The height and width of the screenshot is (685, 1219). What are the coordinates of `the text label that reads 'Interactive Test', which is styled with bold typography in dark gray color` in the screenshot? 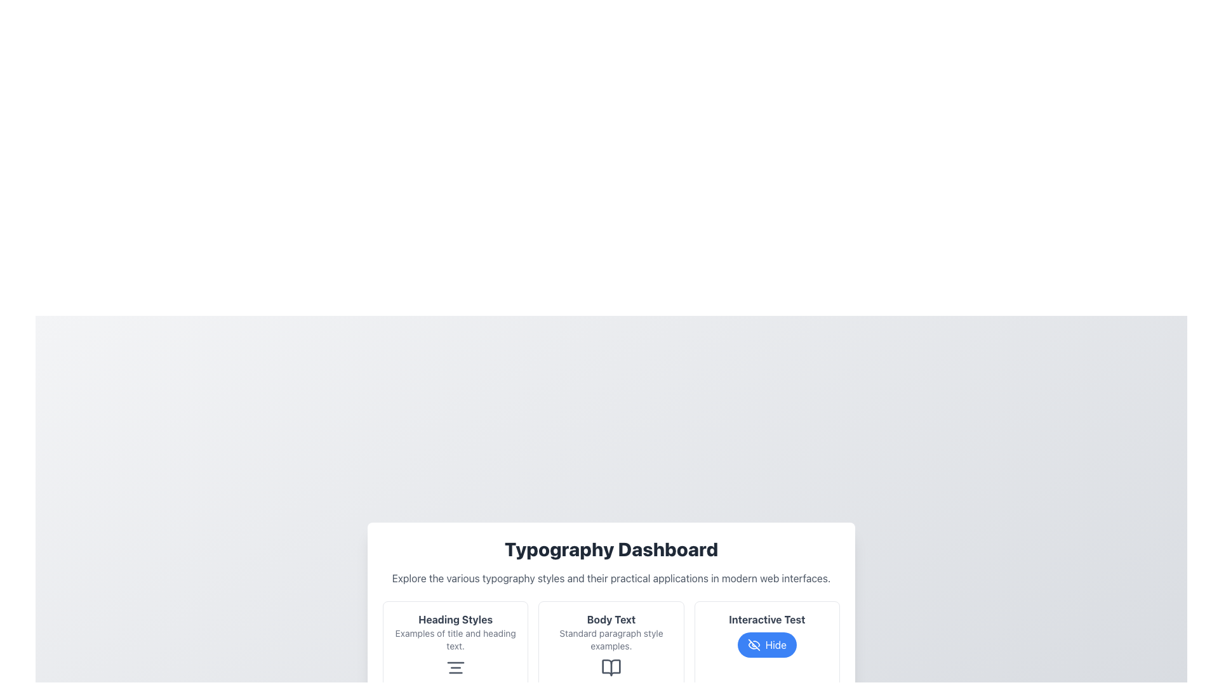 It's located at (766, 618).